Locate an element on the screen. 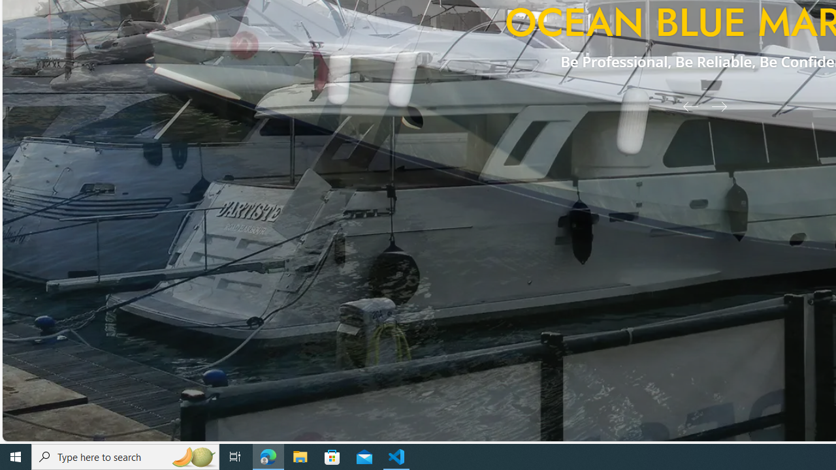  'Next Slide' is located at coordinates (724, 105).